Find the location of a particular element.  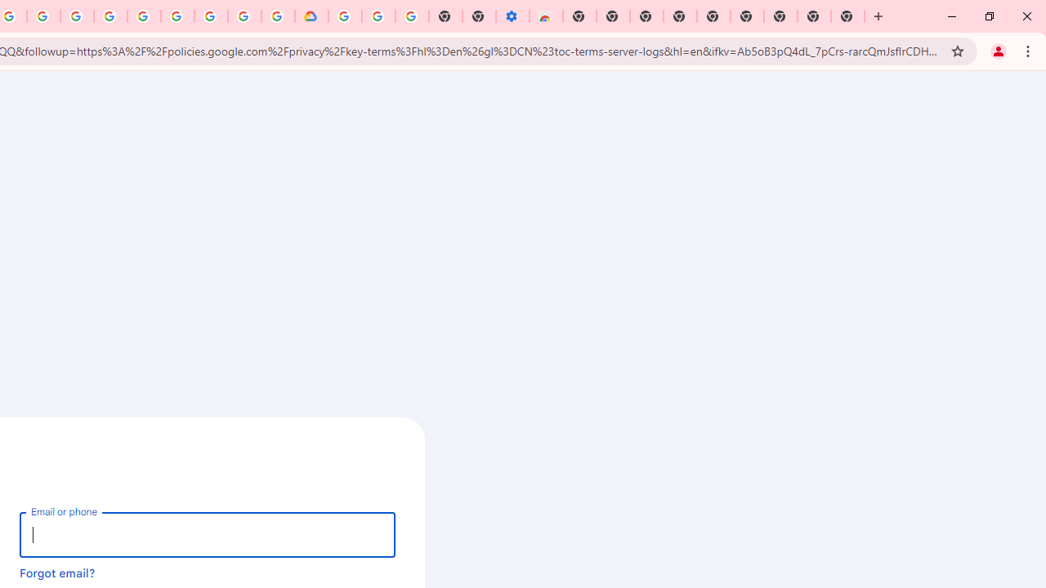

'Ad Settings' is located at coordinates (110, 16).